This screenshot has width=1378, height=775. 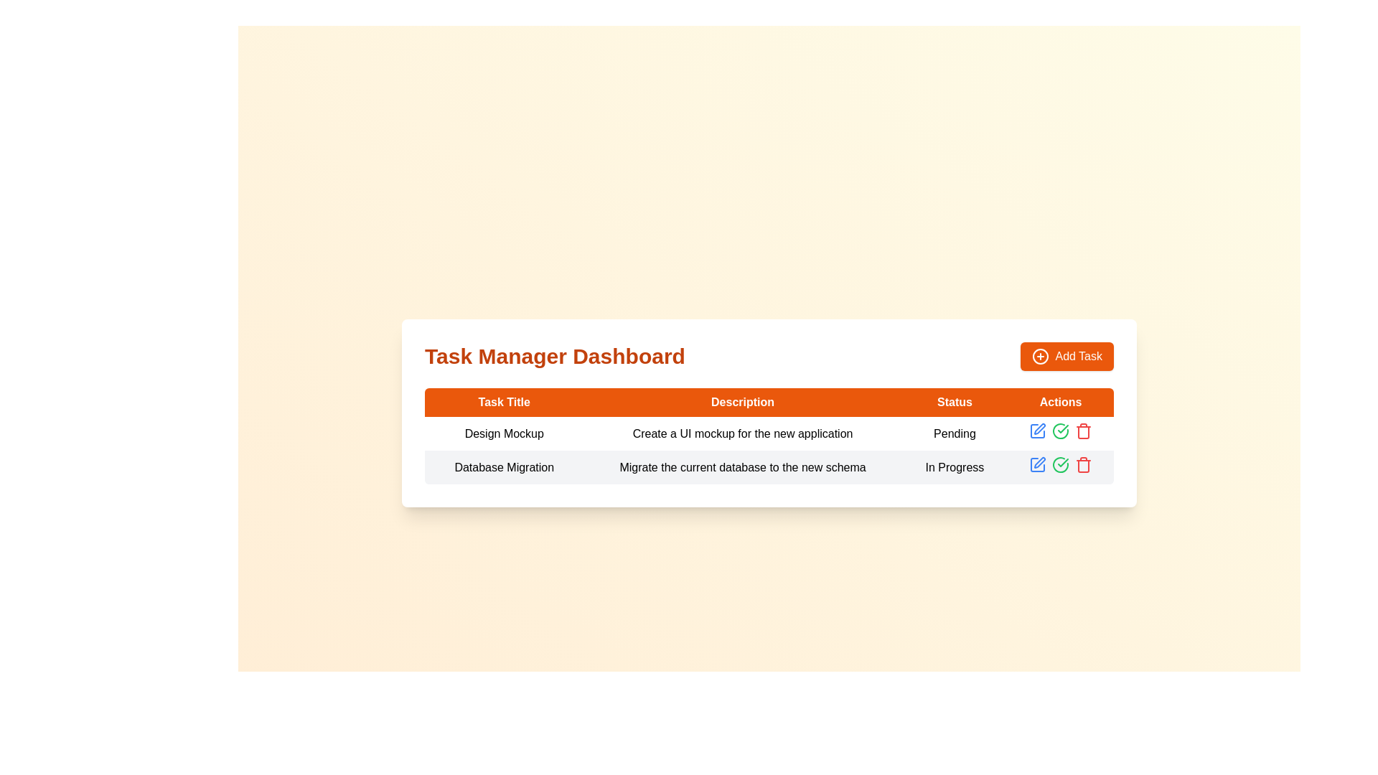 What do you see at coordinates (955, 433) in the screenshot?
I see `the static text label displaying the word 'Pending' in the third column labeled 'Status' of the table, which is aligned with the description 'Create a UI mockup for the new application' under the 'Design Mockup' task title` at bounding box center [955, 433].